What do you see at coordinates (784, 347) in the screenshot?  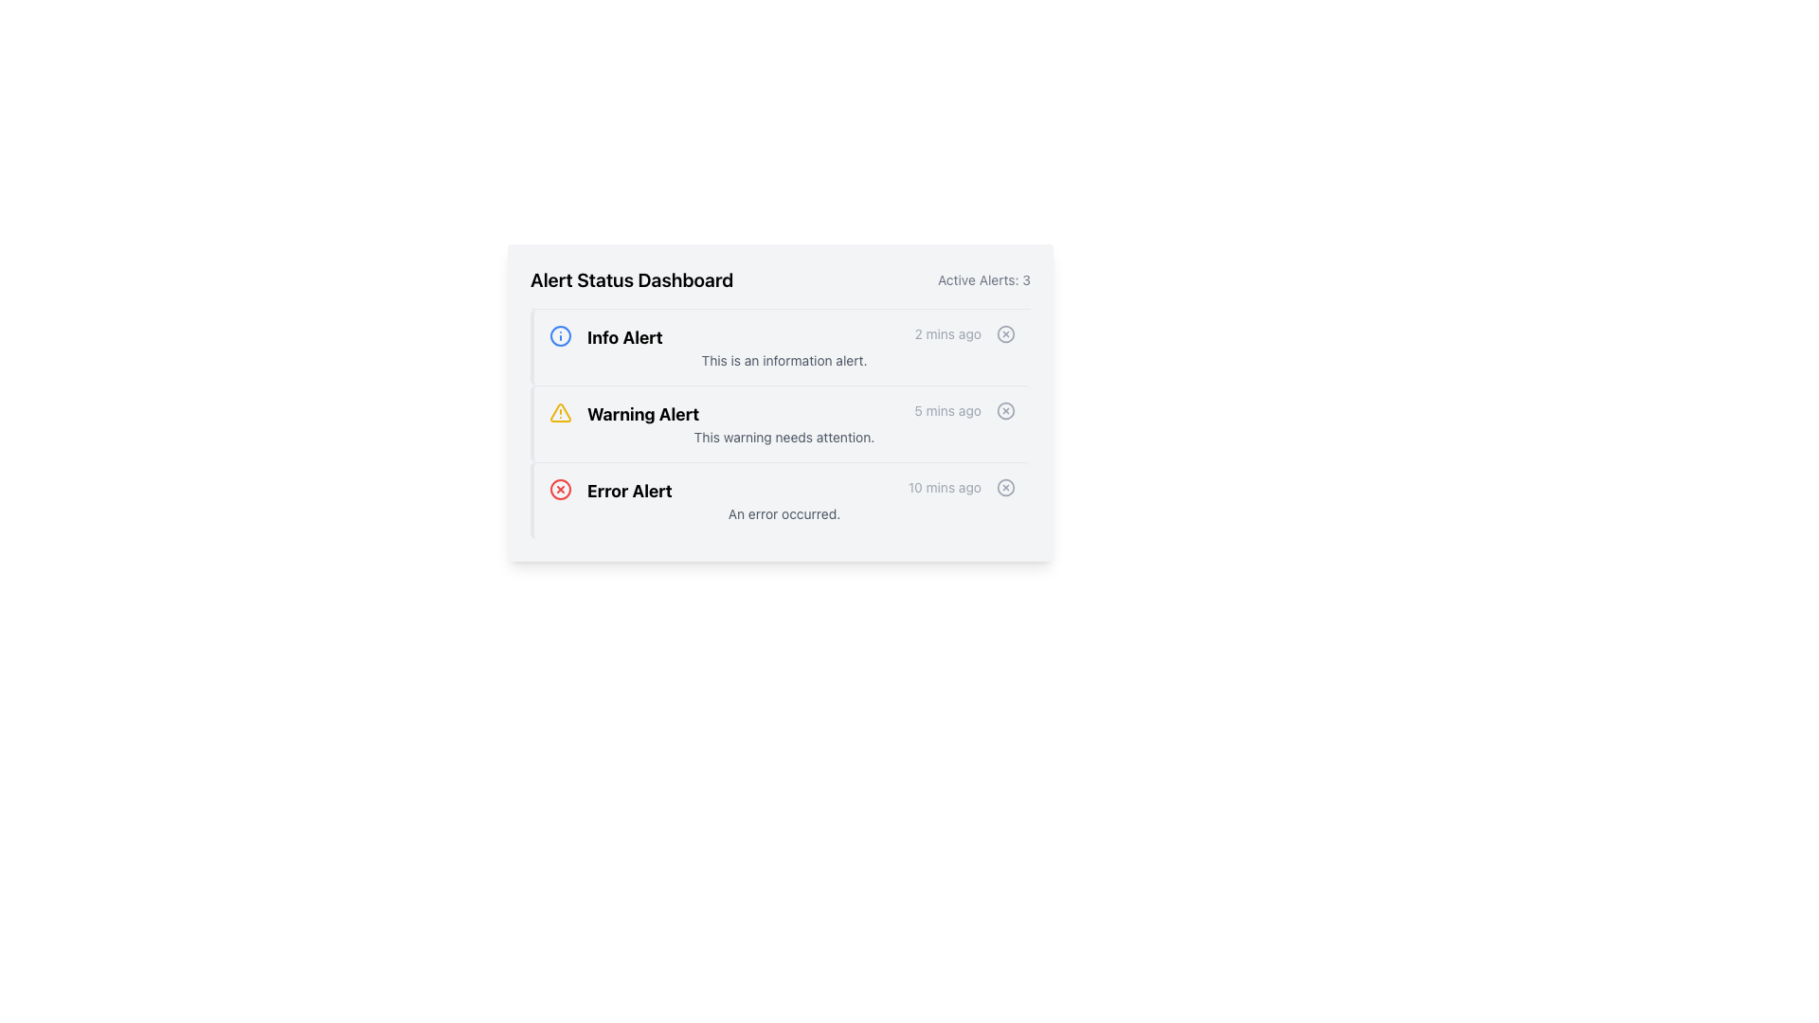 I see `the Notification Card, which is the first in a list of alert elements, positioned above 'Warning Alert' and 'Error Alert'` at bounding box center [784, 347].